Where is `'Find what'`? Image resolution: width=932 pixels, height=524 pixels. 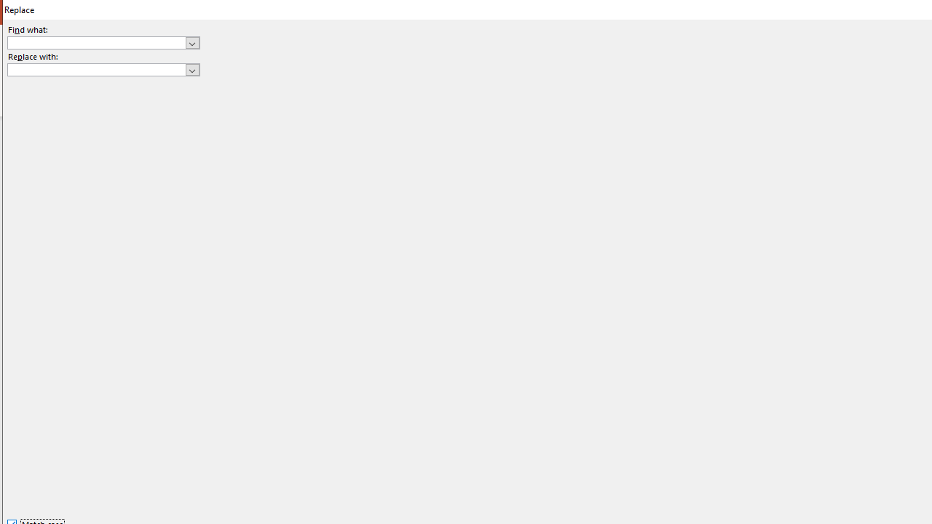
'Find what' is located at coordinates (103, 41).